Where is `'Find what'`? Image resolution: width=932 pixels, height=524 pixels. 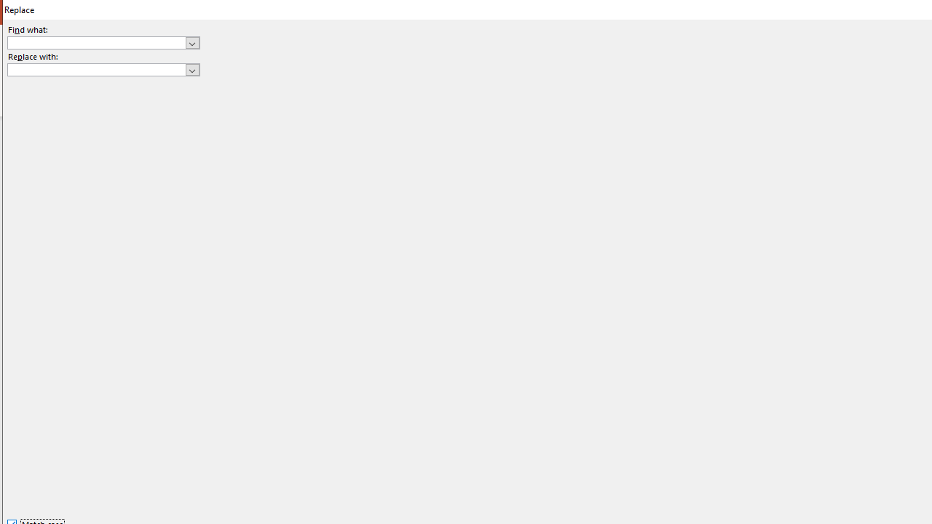
'Find what' is located at coordinates (103, 41).